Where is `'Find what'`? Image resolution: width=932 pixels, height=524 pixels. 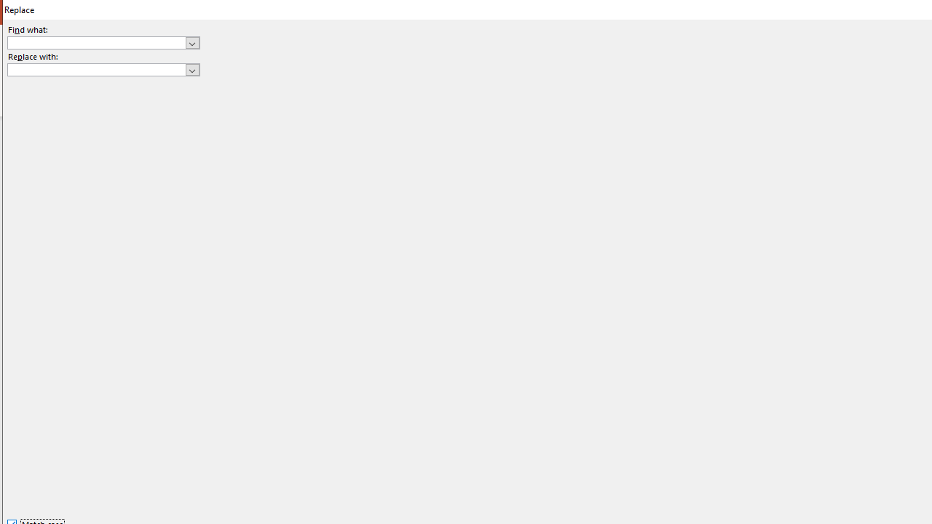
'Find what' is located at coordinates (103, 41).